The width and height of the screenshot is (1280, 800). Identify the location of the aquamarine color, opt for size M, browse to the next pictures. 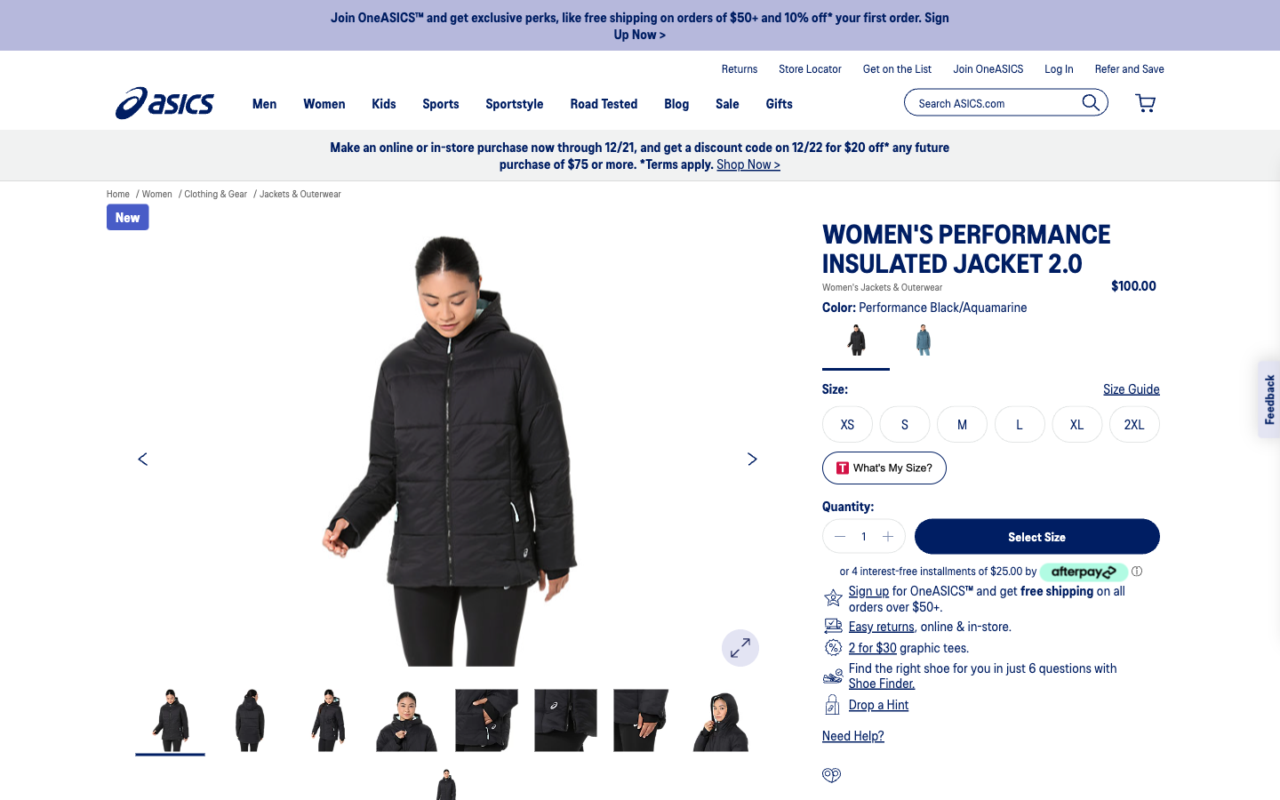
(923, 343).